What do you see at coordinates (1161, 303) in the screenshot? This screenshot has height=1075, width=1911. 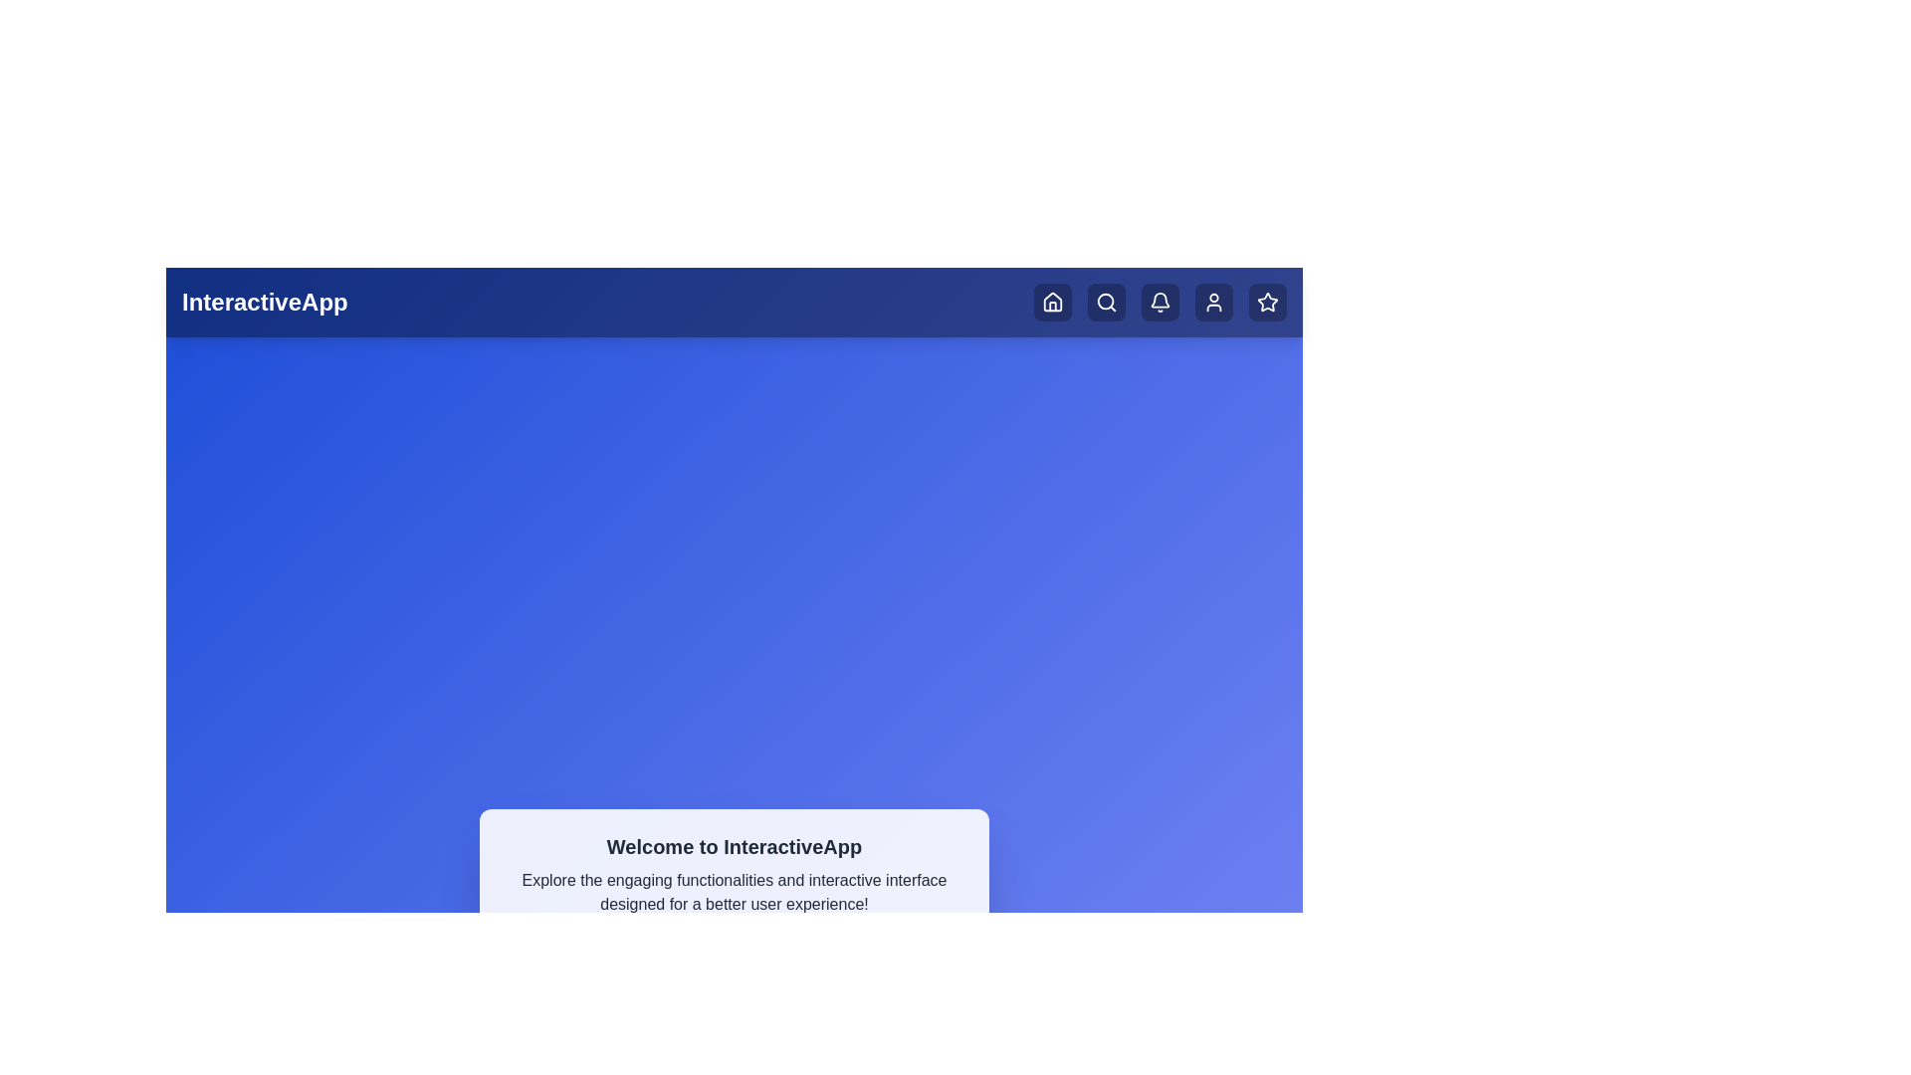 I see `the notifications navigation button to navigate to the respective section` at bounding box center [1161, 303].